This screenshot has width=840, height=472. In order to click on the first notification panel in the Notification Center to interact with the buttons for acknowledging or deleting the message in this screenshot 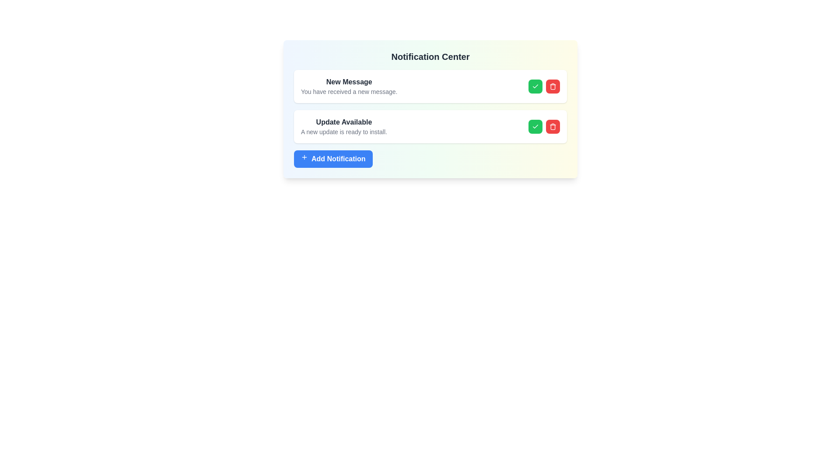, I will do `click(430, 86)`.